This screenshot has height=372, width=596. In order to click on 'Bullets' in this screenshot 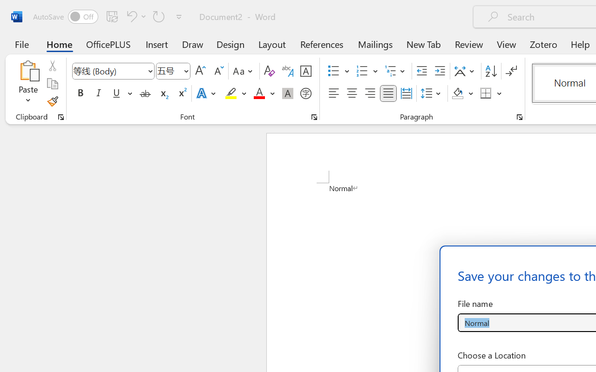, I will do `click(333, 71)`.